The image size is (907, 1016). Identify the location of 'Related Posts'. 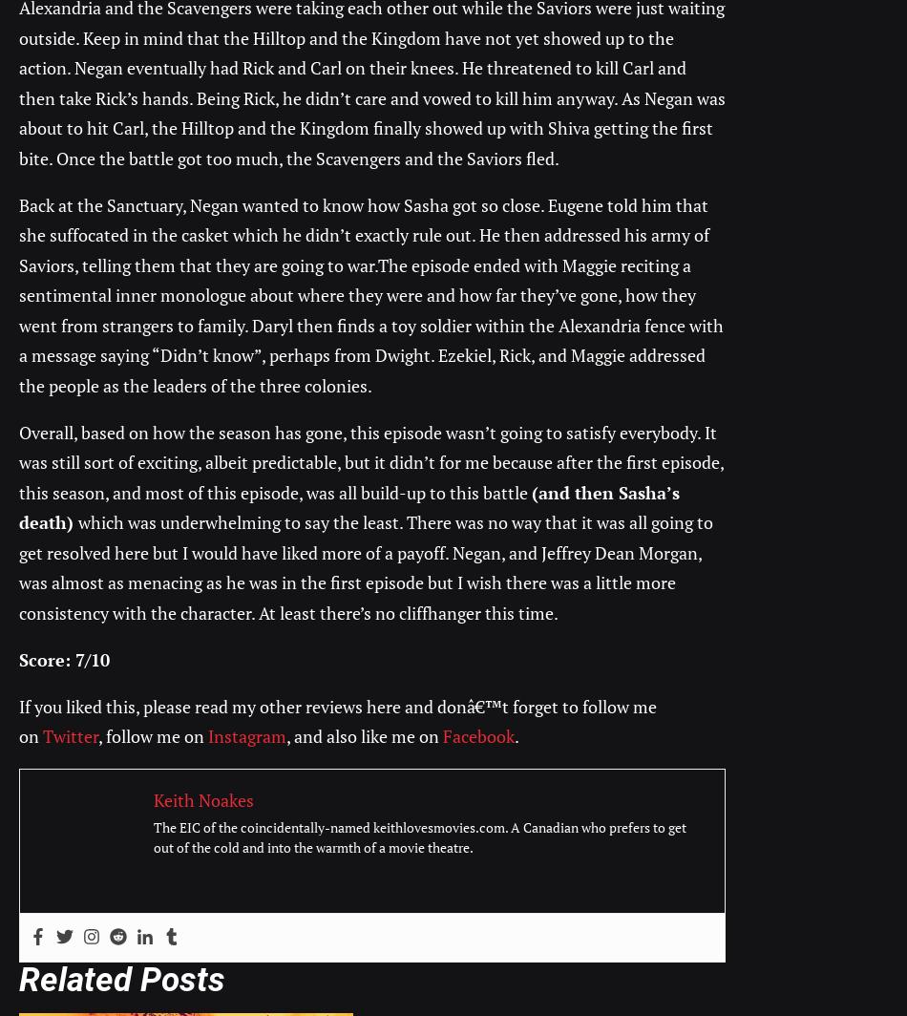
(19, 980).